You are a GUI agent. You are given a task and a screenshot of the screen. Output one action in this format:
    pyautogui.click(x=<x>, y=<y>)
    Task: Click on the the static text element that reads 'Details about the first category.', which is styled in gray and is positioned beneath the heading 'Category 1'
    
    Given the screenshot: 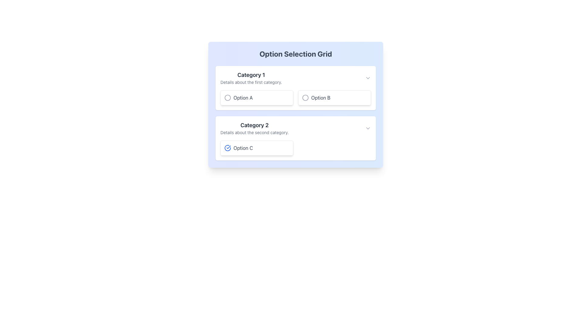 What is the action you would take?
    pyautogui.click(x=251, y=82)
    